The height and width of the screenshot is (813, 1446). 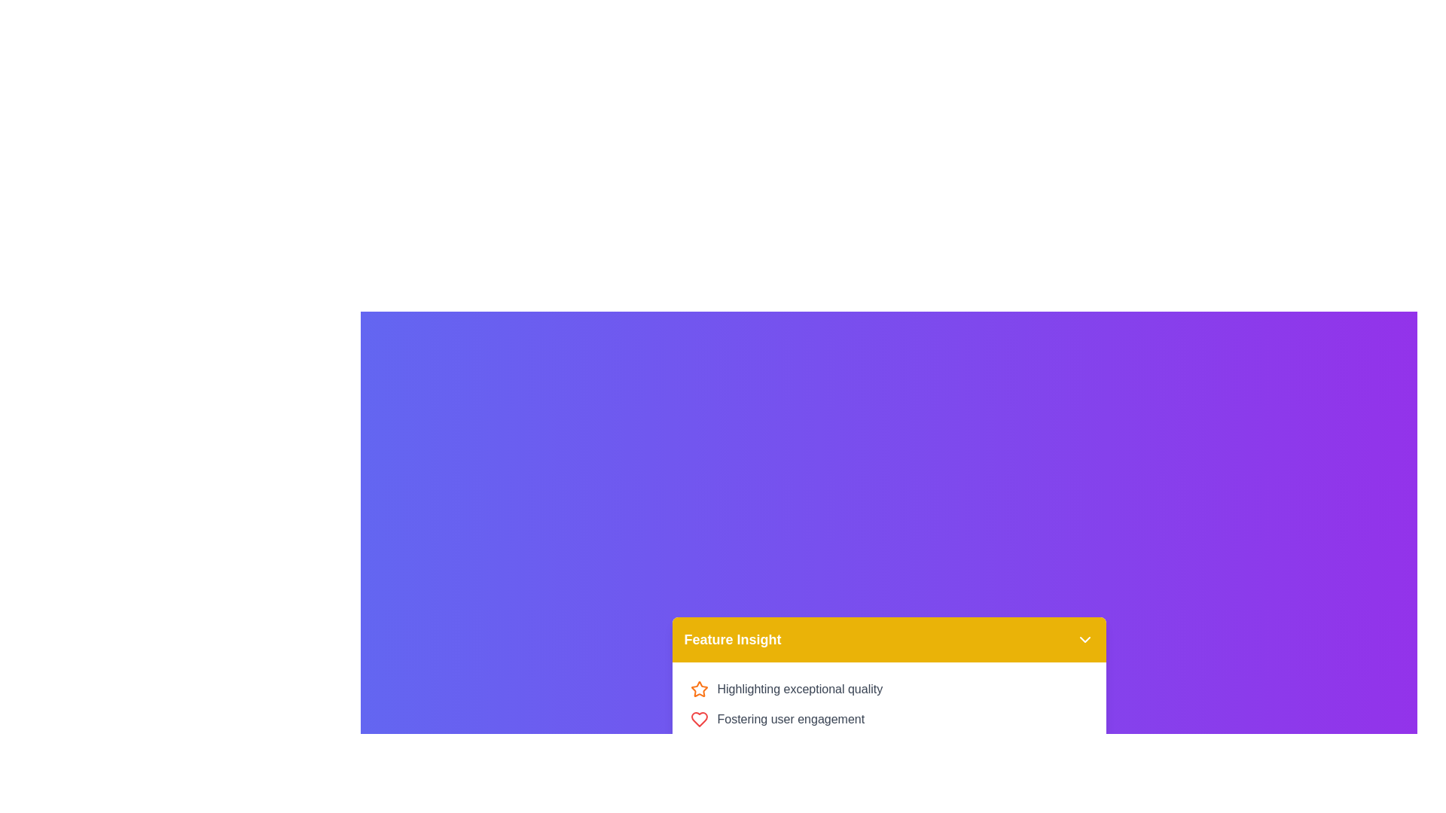 I want to click on the Text Label that displays 'Fostering user engagement', which is the second item in the vertical list inside the 'Feature Insight' UI card, so click(x=790, y=719).